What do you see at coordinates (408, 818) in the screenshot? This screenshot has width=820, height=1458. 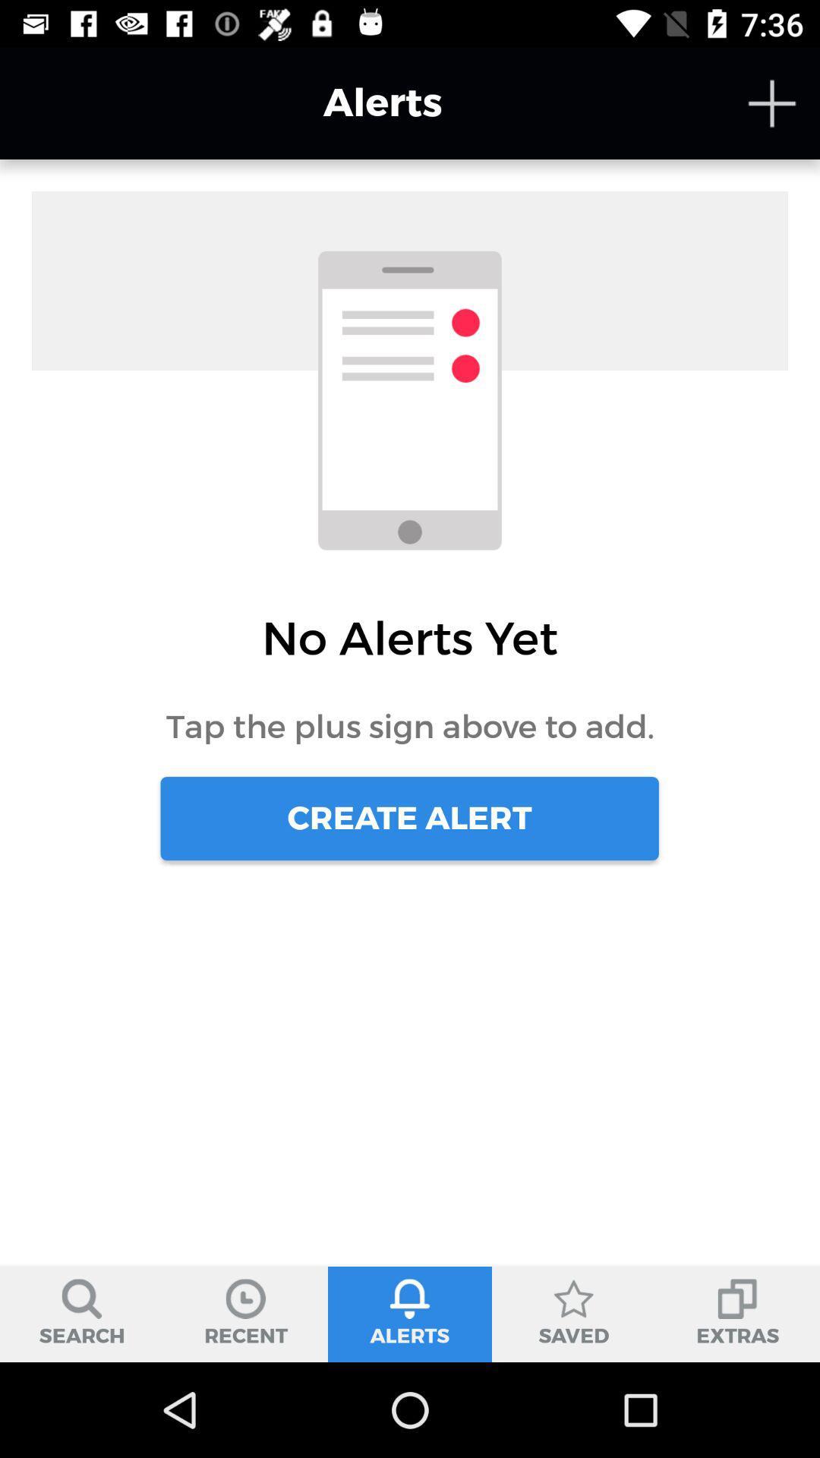 I see `the icon below tap the plus icon` at bounding box center [408, 818].